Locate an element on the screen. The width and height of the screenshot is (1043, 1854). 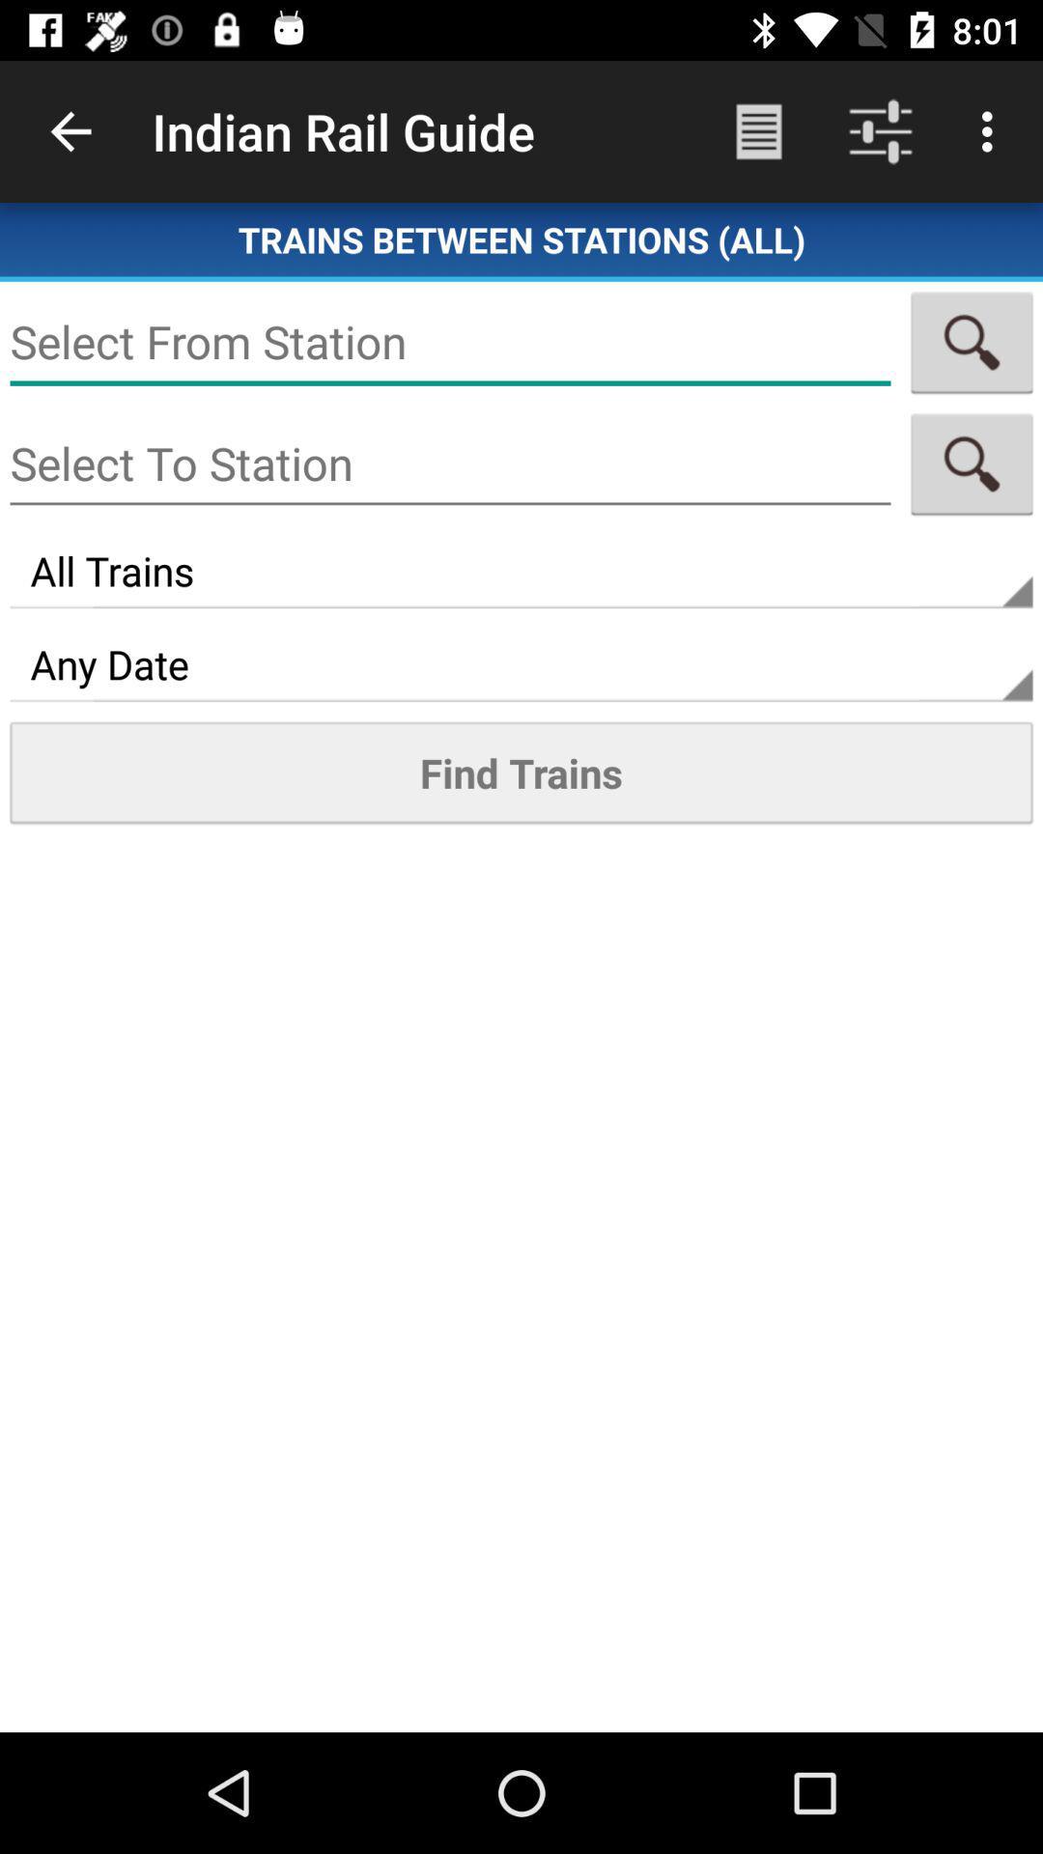
text box for from station is located at coordinates (450, 342).